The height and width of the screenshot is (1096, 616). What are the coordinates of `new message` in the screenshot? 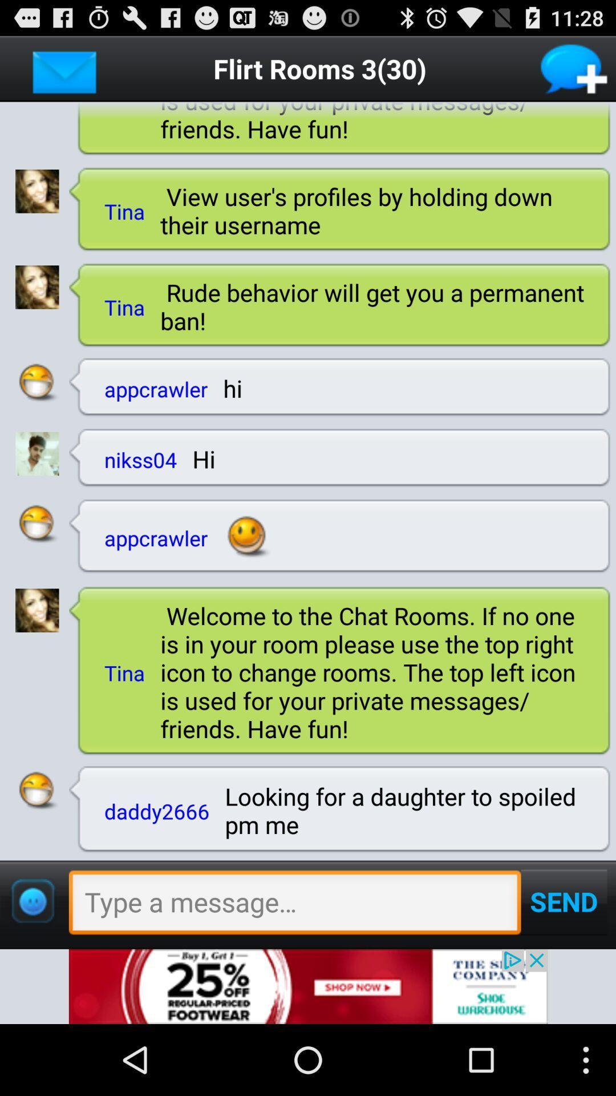 It's located at (574, 68).